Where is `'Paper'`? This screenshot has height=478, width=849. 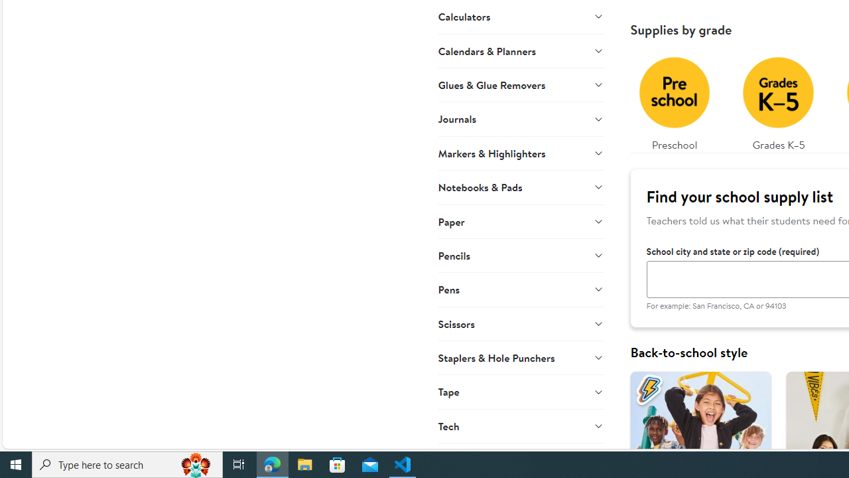 'Paper' is located at coordinates (520, 220).